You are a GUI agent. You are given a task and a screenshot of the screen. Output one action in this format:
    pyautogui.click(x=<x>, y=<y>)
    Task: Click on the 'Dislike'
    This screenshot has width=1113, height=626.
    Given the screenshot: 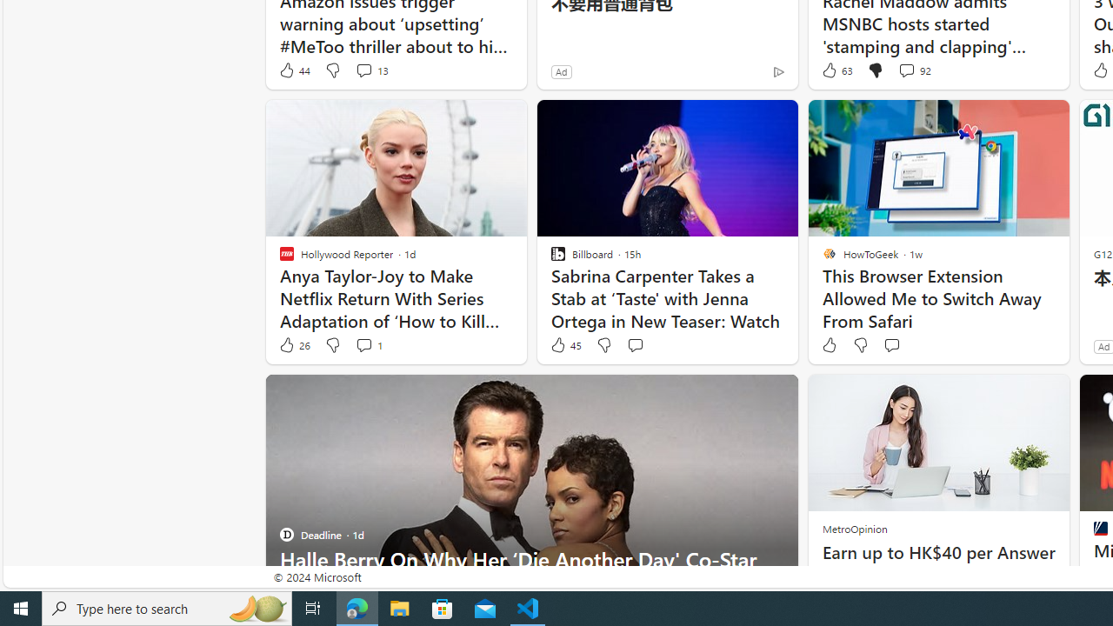 What is the action you would take?
    pyautogui.click(x=861, y=345)
    